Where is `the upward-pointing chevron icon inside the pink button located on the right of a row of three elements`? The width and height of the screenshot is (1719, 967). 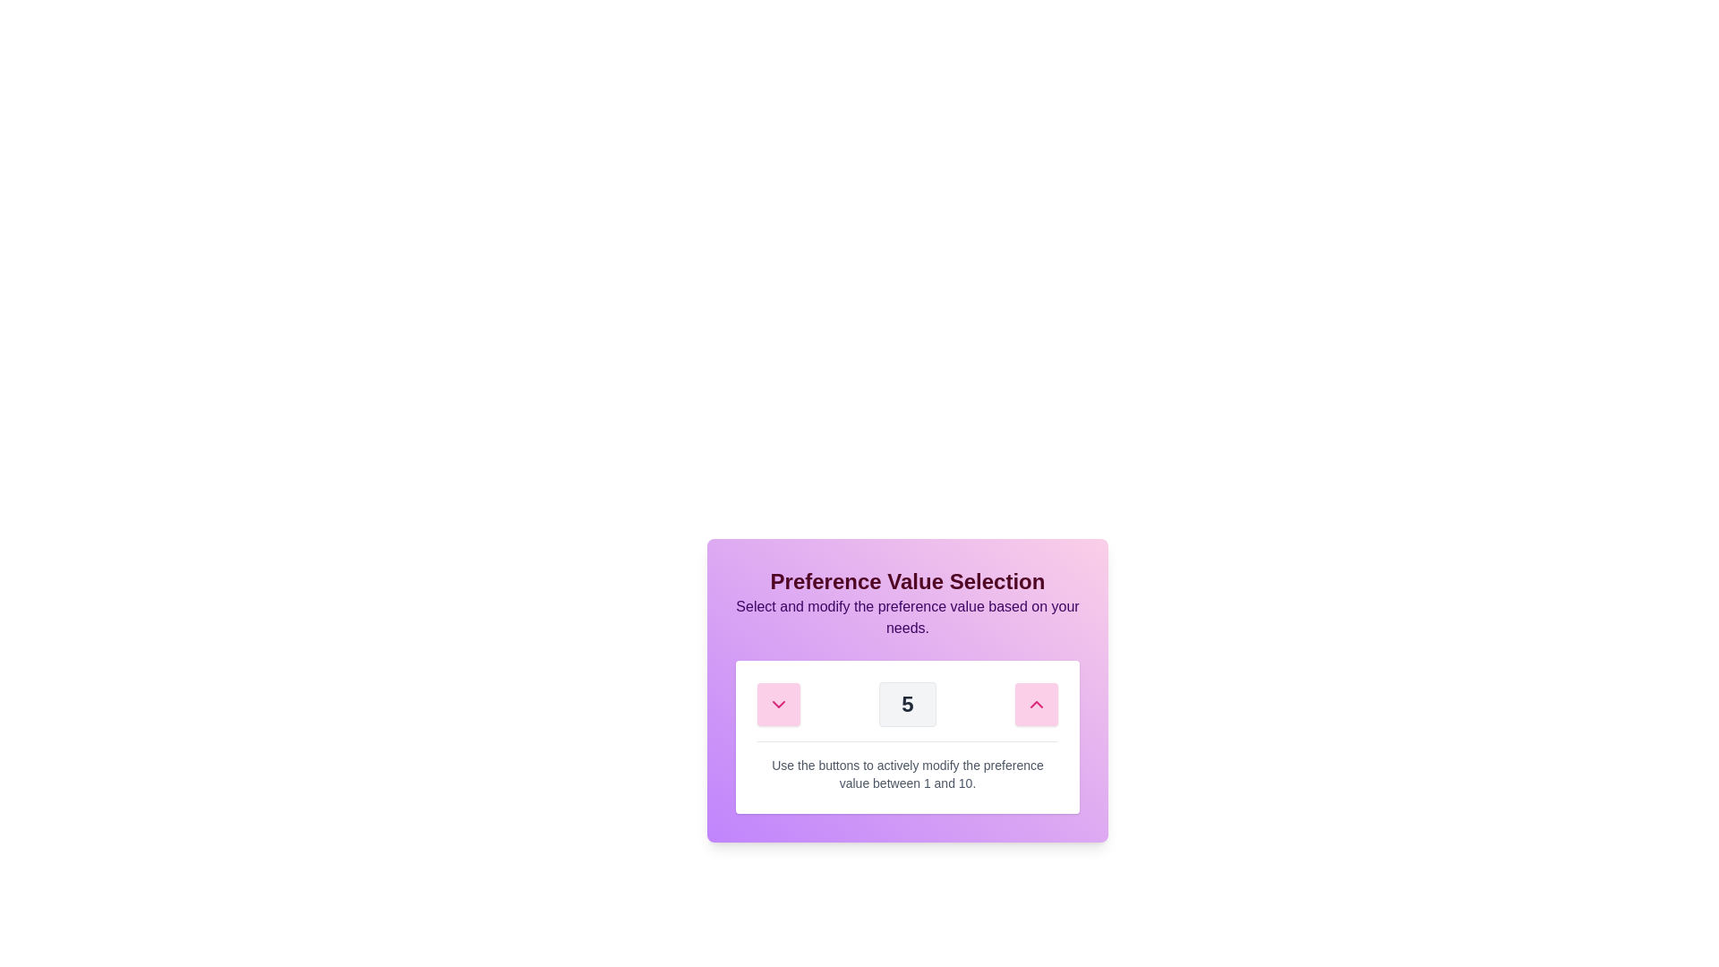
the upward-pointing chevron icon inside the pink button located on the right of a row of three elements is located at coordinates (1036, 703).